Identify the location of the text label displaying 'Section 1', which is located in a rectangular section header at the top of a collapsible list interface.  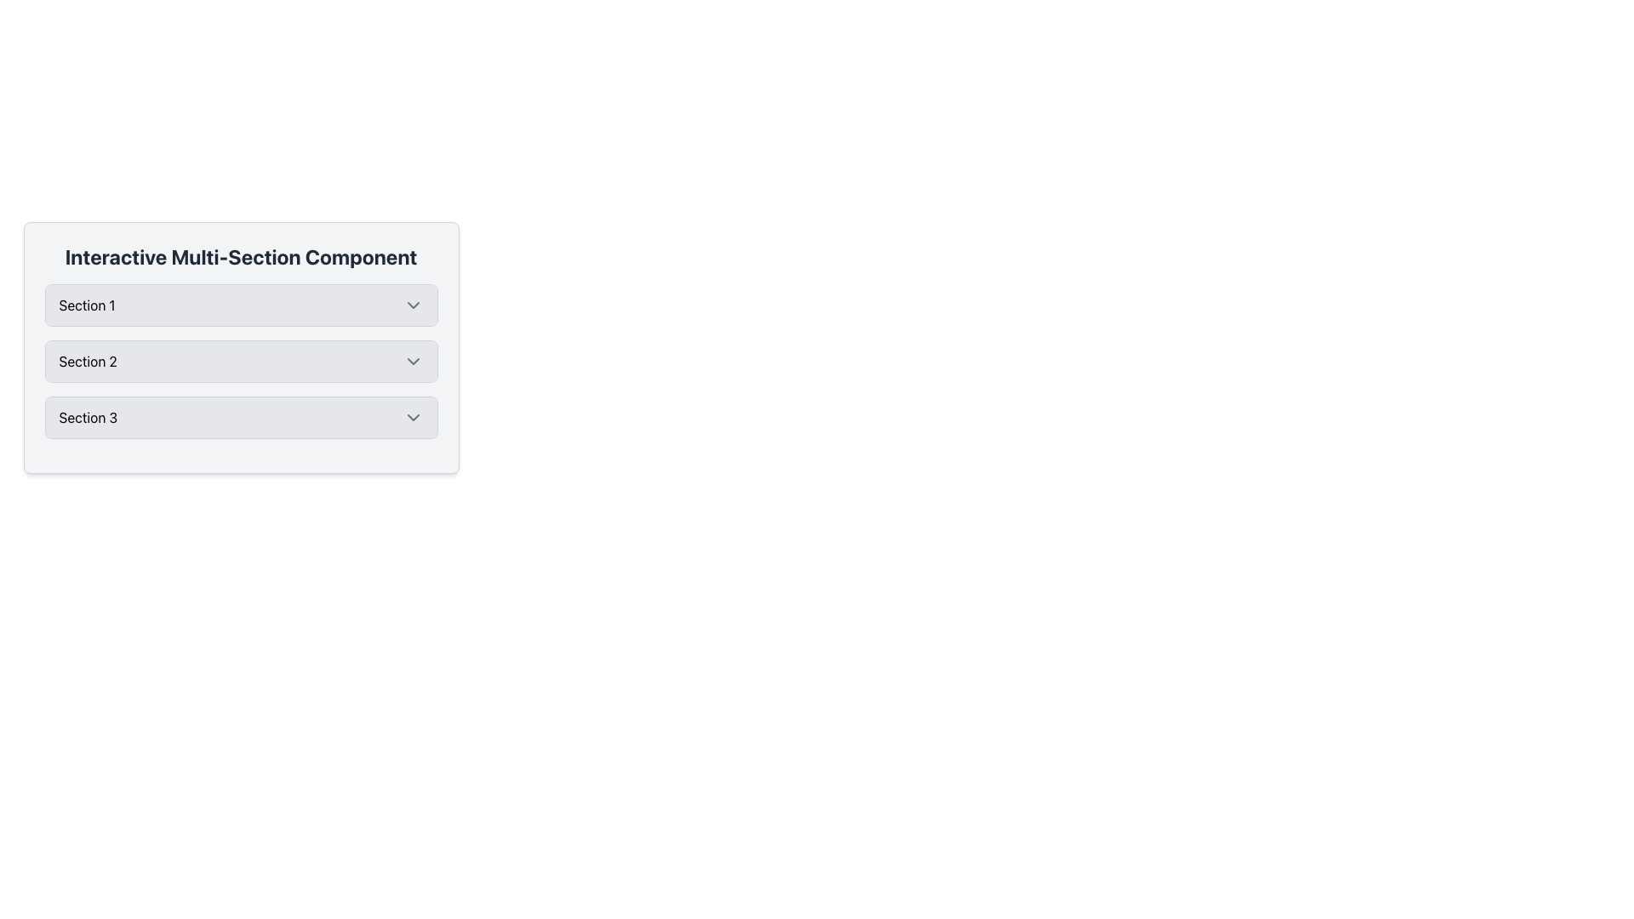
(86, 304).